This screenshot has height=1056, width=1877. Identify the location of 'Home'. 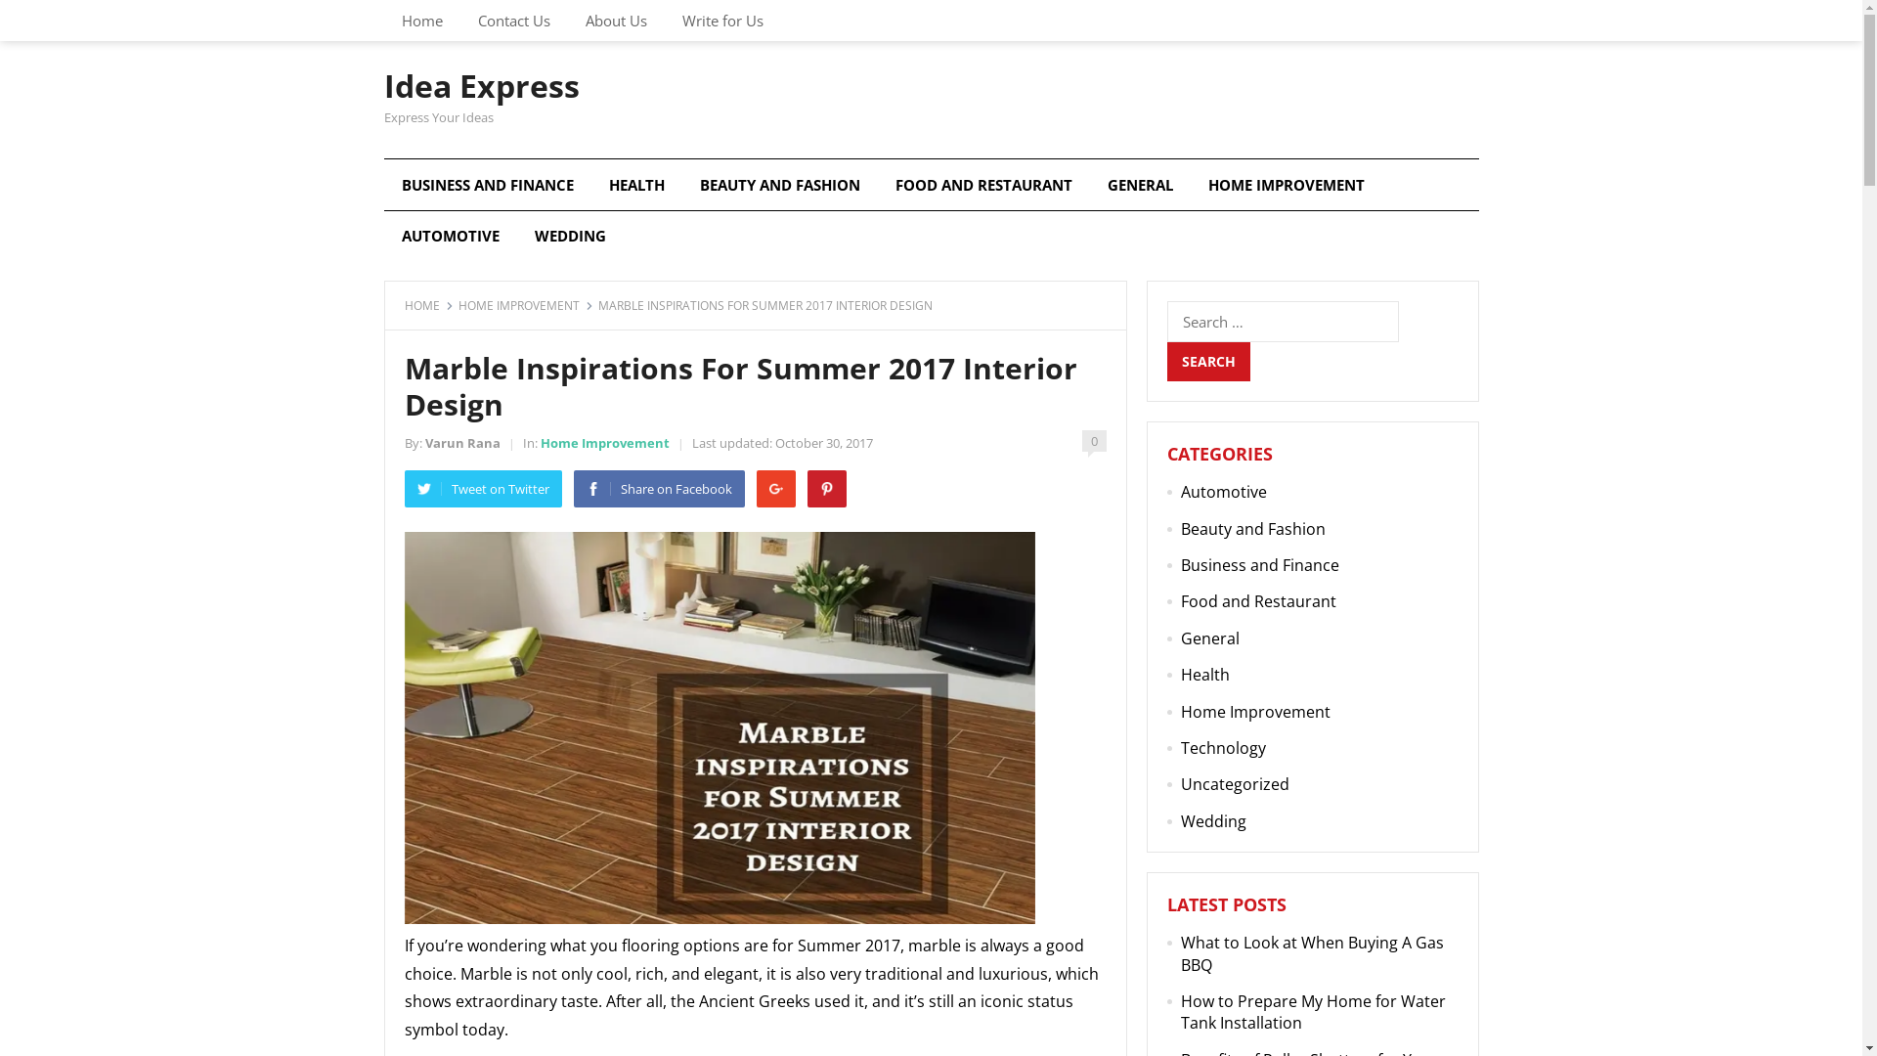
(383, 20).